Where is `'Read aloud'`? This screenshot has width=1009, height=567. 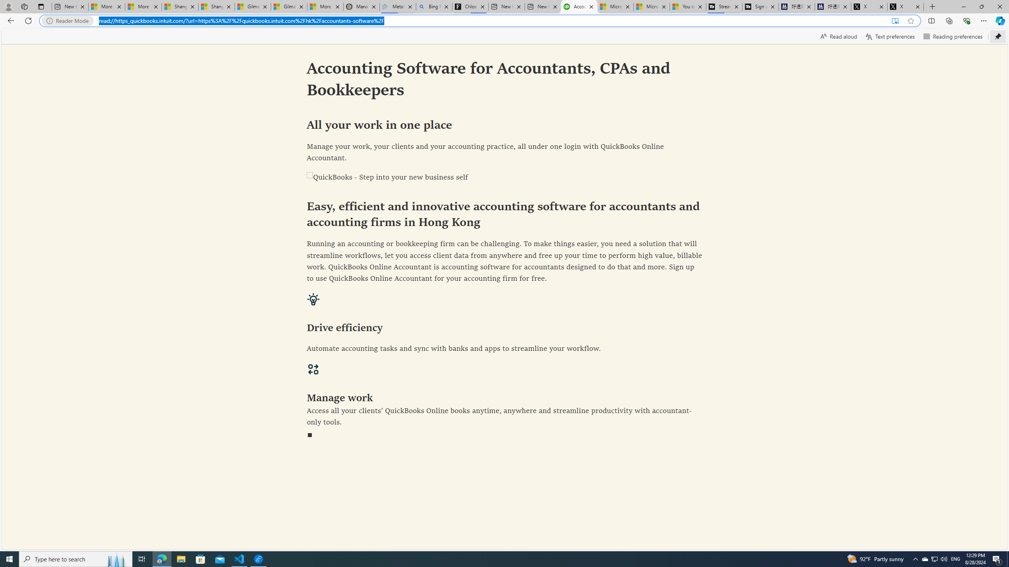 'Read aloud' is located at coordinates (838, 36).